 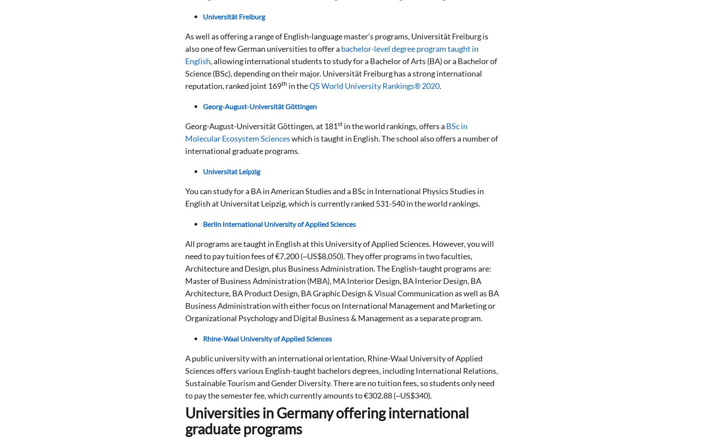 What do you see at coordinates (261, 126) in the screenshot?
I see `'Georg-August-Universität Göttingen, at 181'` at bounding box center [261, 126].